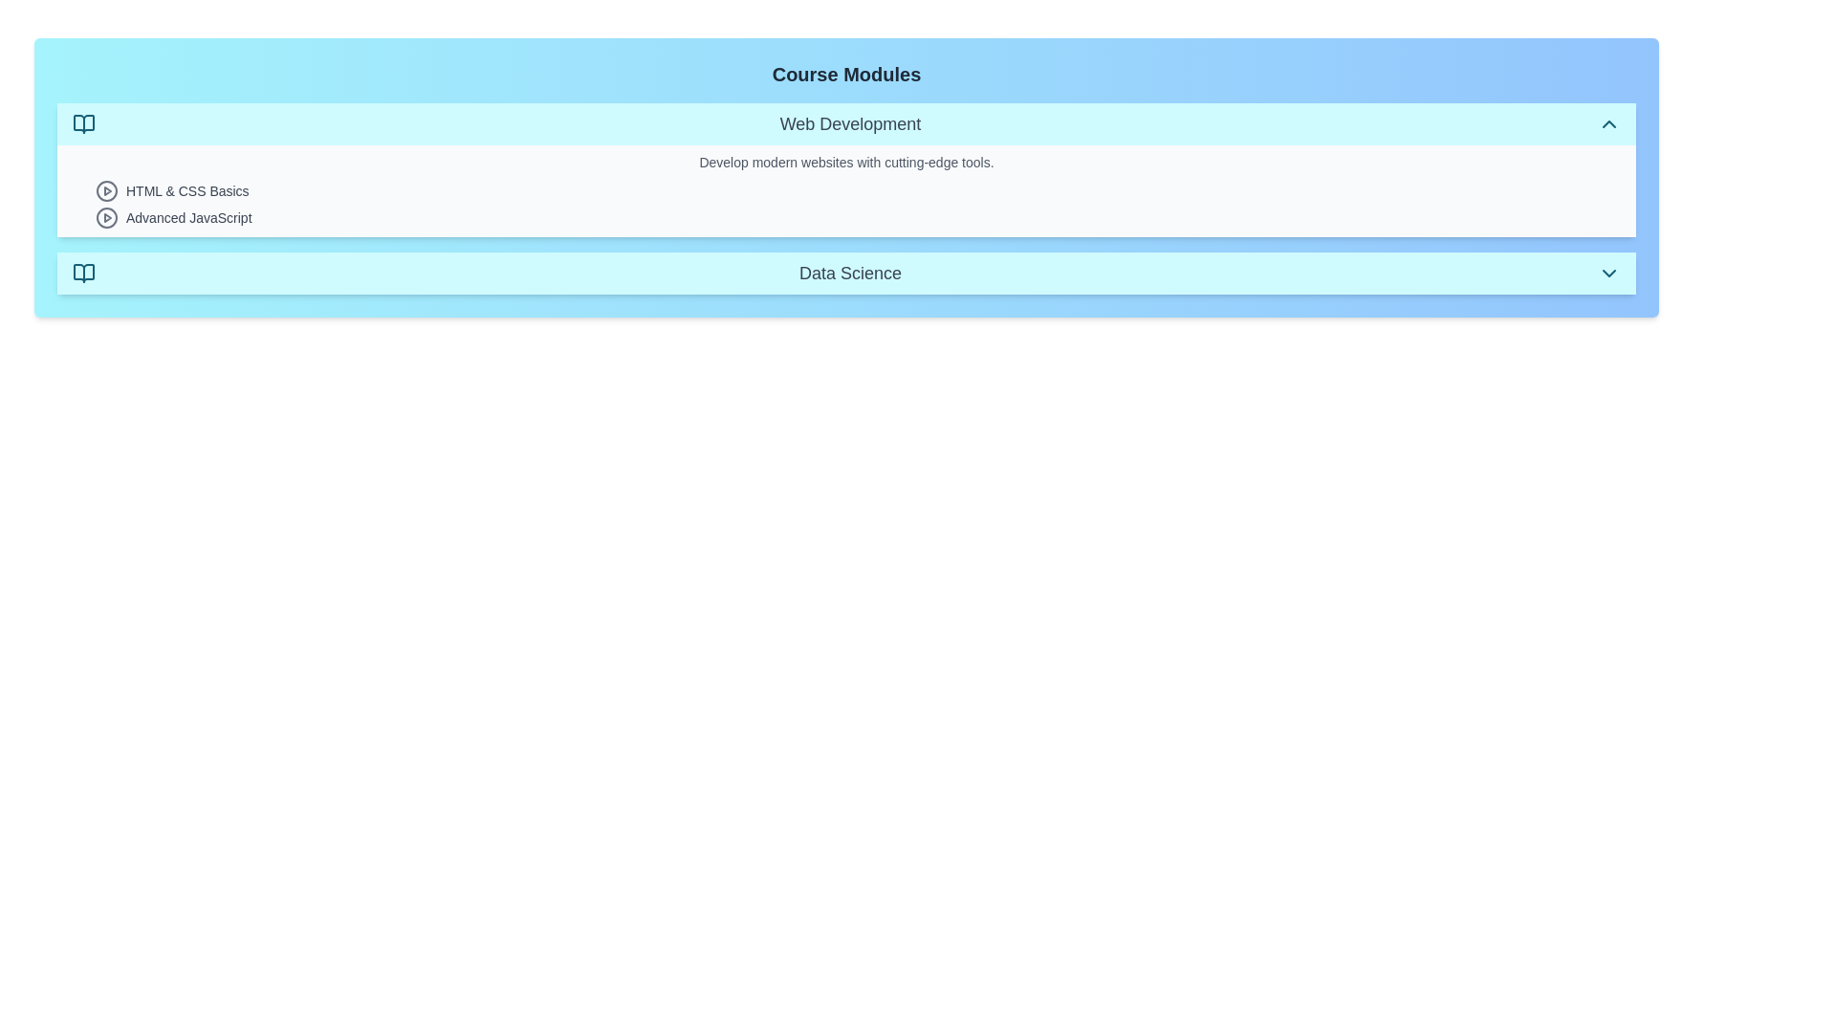  What do you see at coordinates (82, 124) in the screenshot?
I see `the 'open book' icon located at the top-left corner of the 'Web Development' module header` at bounding box center [82, 124].